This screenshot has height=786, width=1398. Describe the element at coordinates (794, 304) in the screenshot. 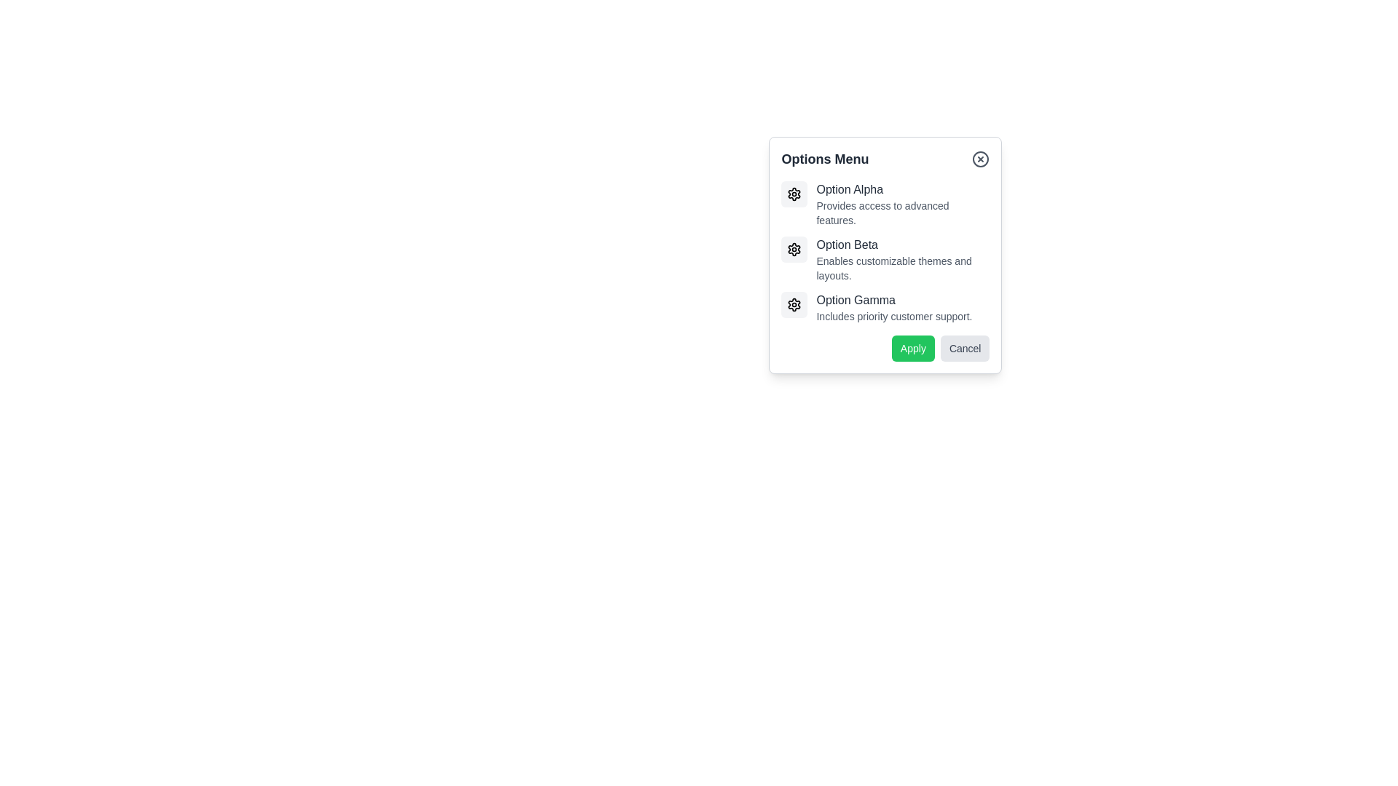

I see `the settings gear icon with a light gray rounded background, located to the left of the 'Option Gamma' label in a vertical list within a modal window` at that location.